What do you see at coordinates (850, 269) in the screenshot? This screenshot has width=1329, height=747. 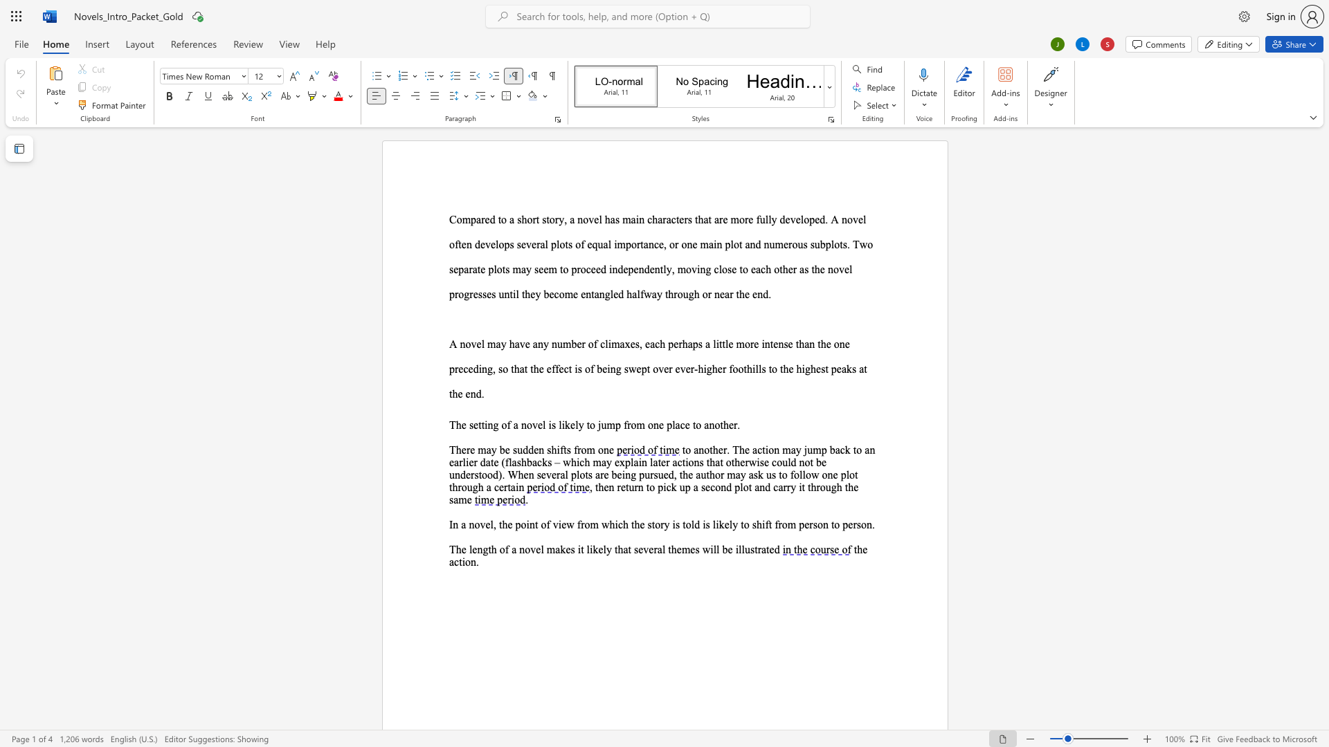 I see `the 3th character "l" in the text` at bounding box center [850, 269].